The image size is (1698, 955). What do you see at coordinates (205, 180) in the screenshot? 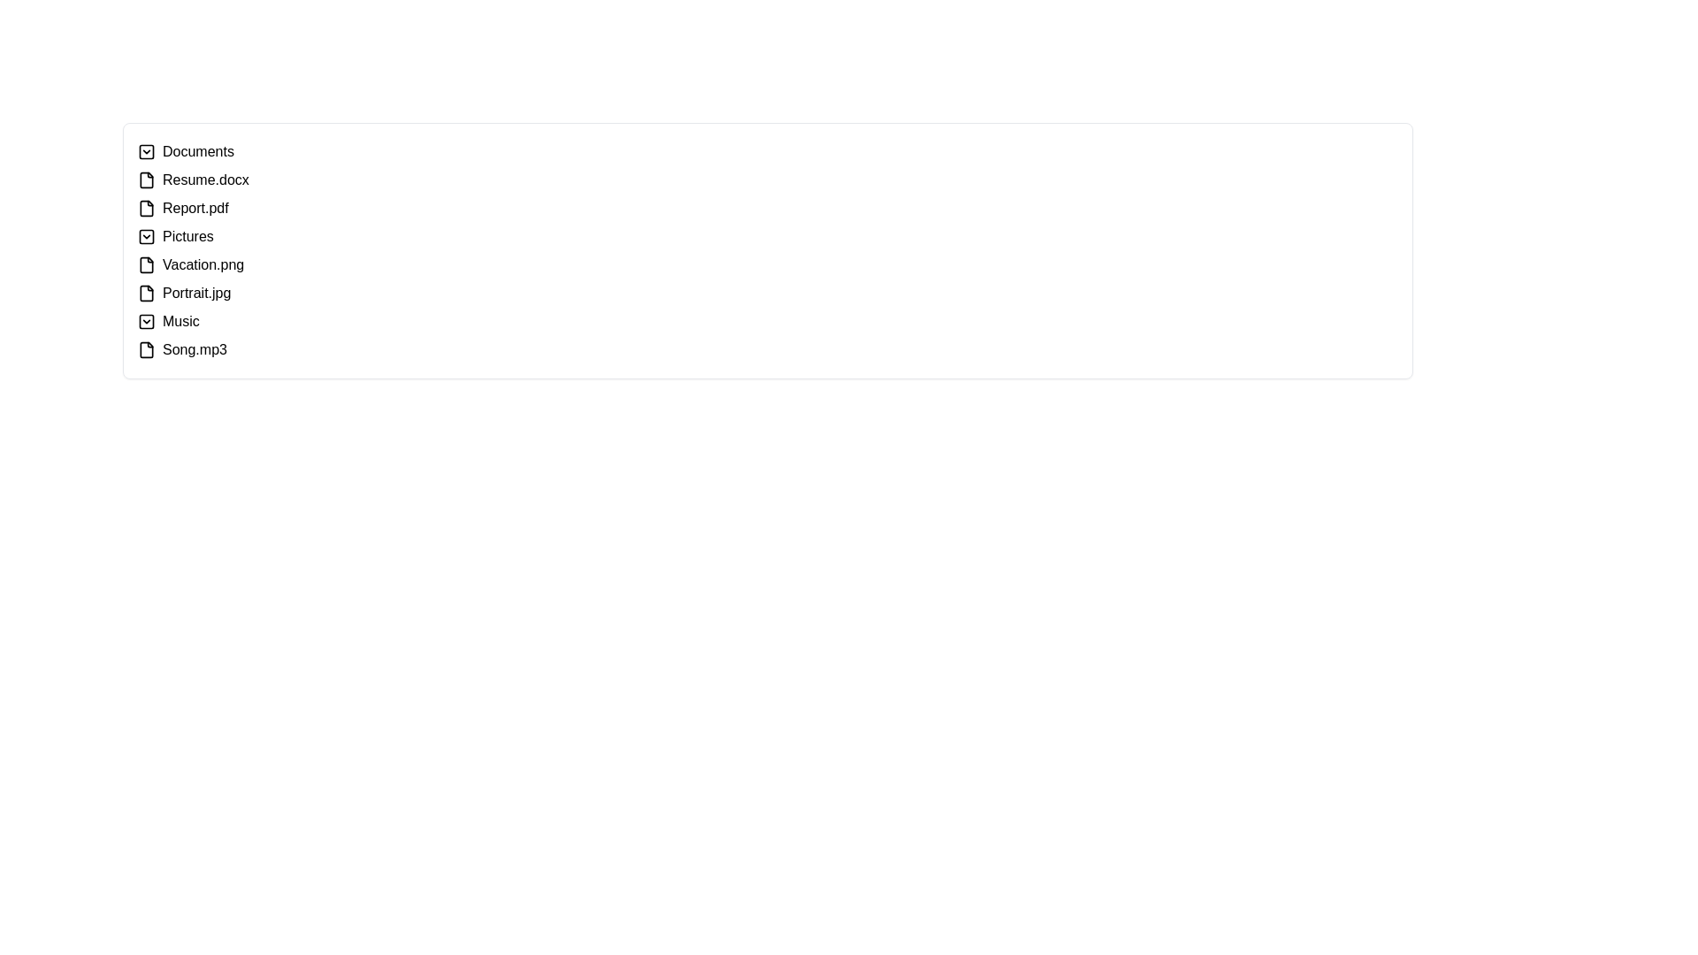
I see `the text label representing the name of the file` at bounding box center [205, 180].